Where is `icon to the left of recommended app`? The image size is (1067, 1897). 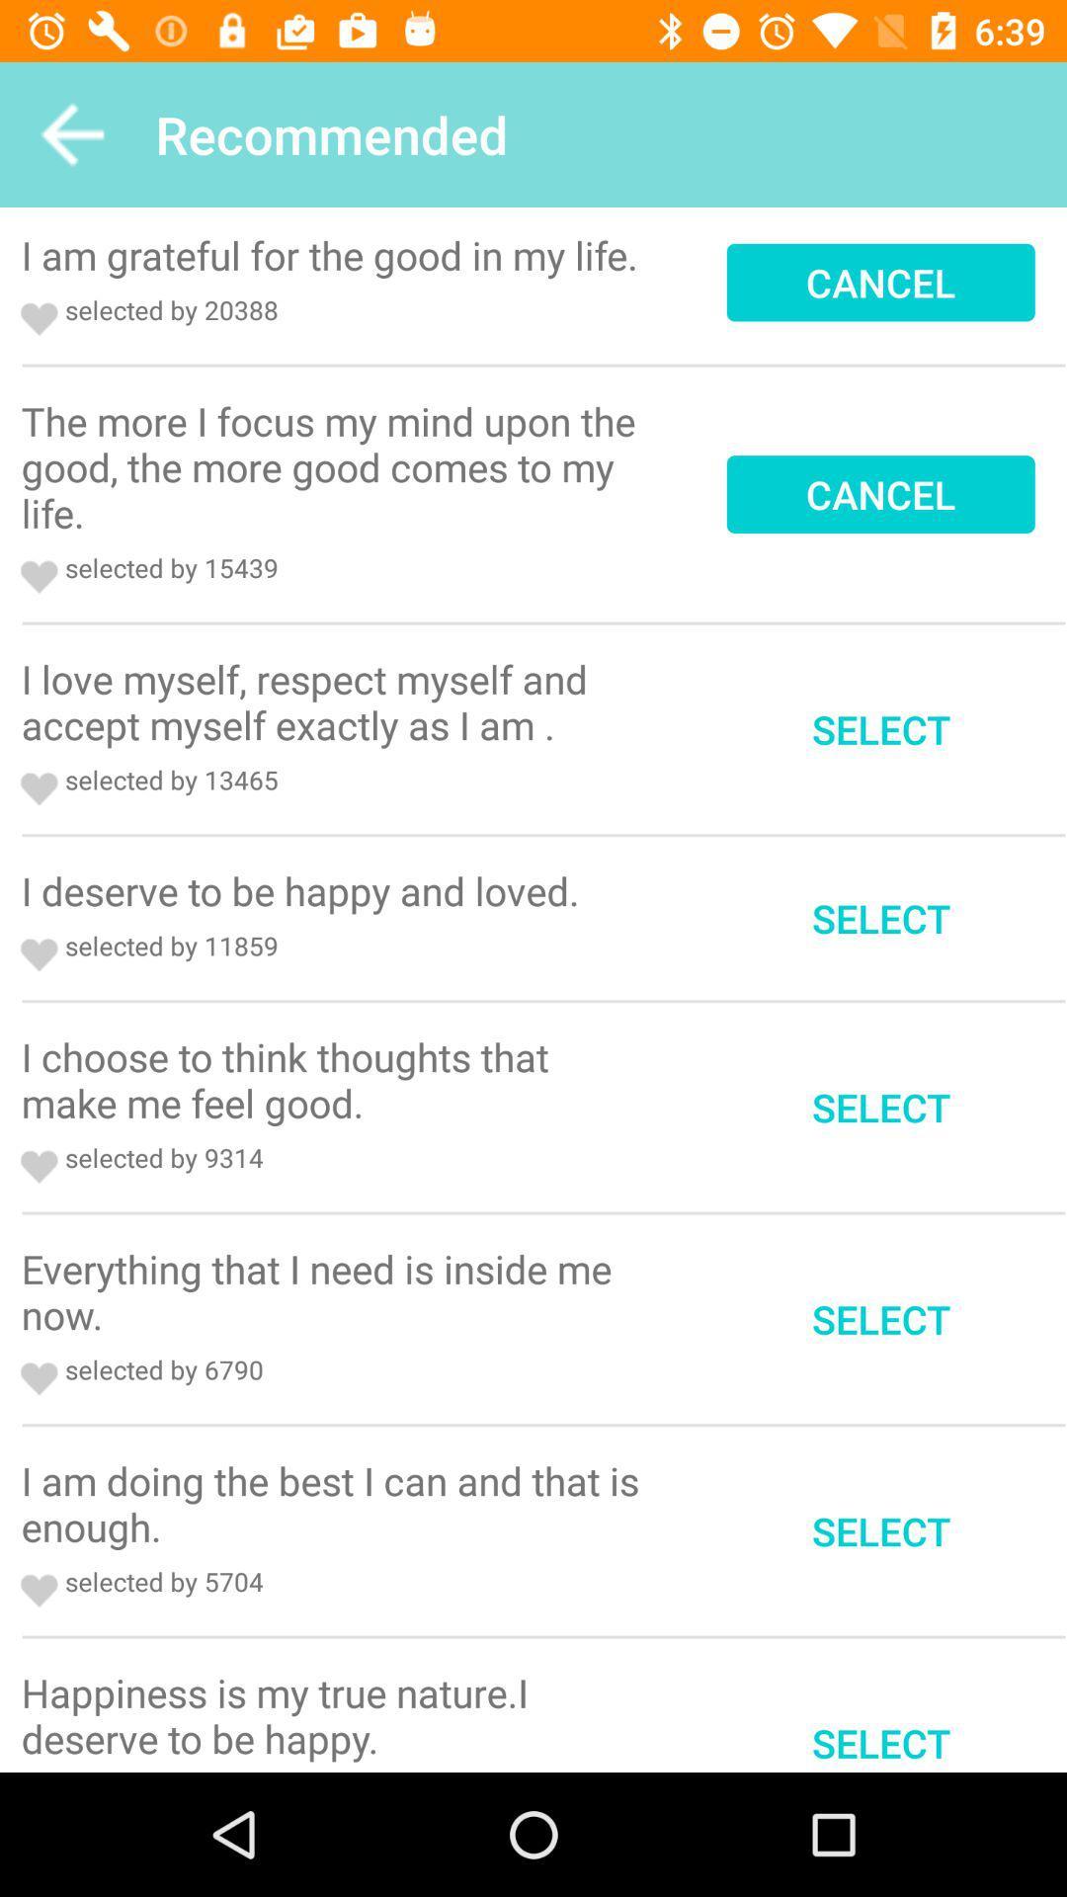 icon to the left of recommended app is located at coordinates (71, 133).